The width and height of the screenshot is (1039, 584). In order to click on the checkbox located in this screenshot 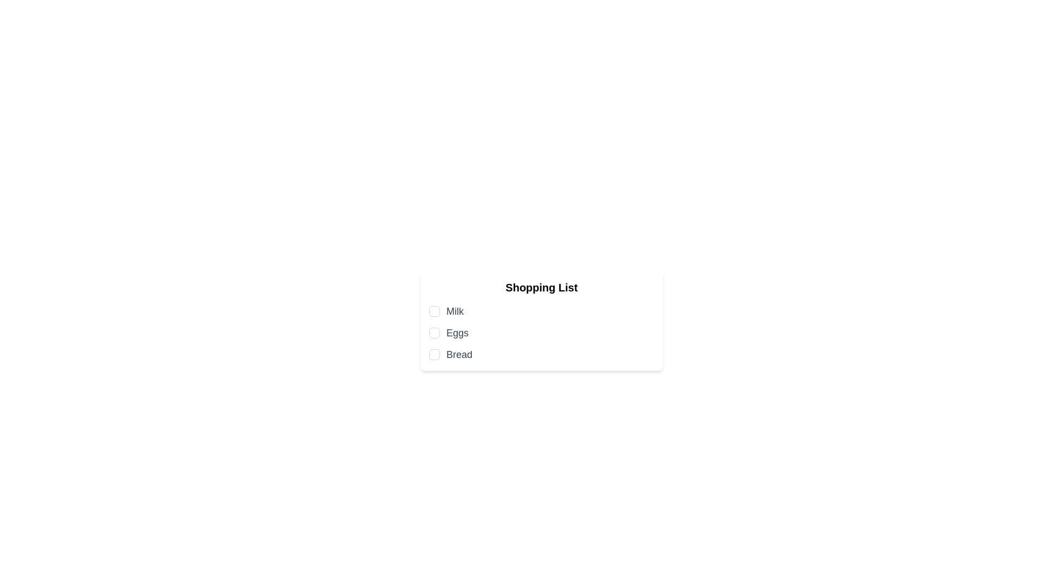, I will do `click(434, 333)`.